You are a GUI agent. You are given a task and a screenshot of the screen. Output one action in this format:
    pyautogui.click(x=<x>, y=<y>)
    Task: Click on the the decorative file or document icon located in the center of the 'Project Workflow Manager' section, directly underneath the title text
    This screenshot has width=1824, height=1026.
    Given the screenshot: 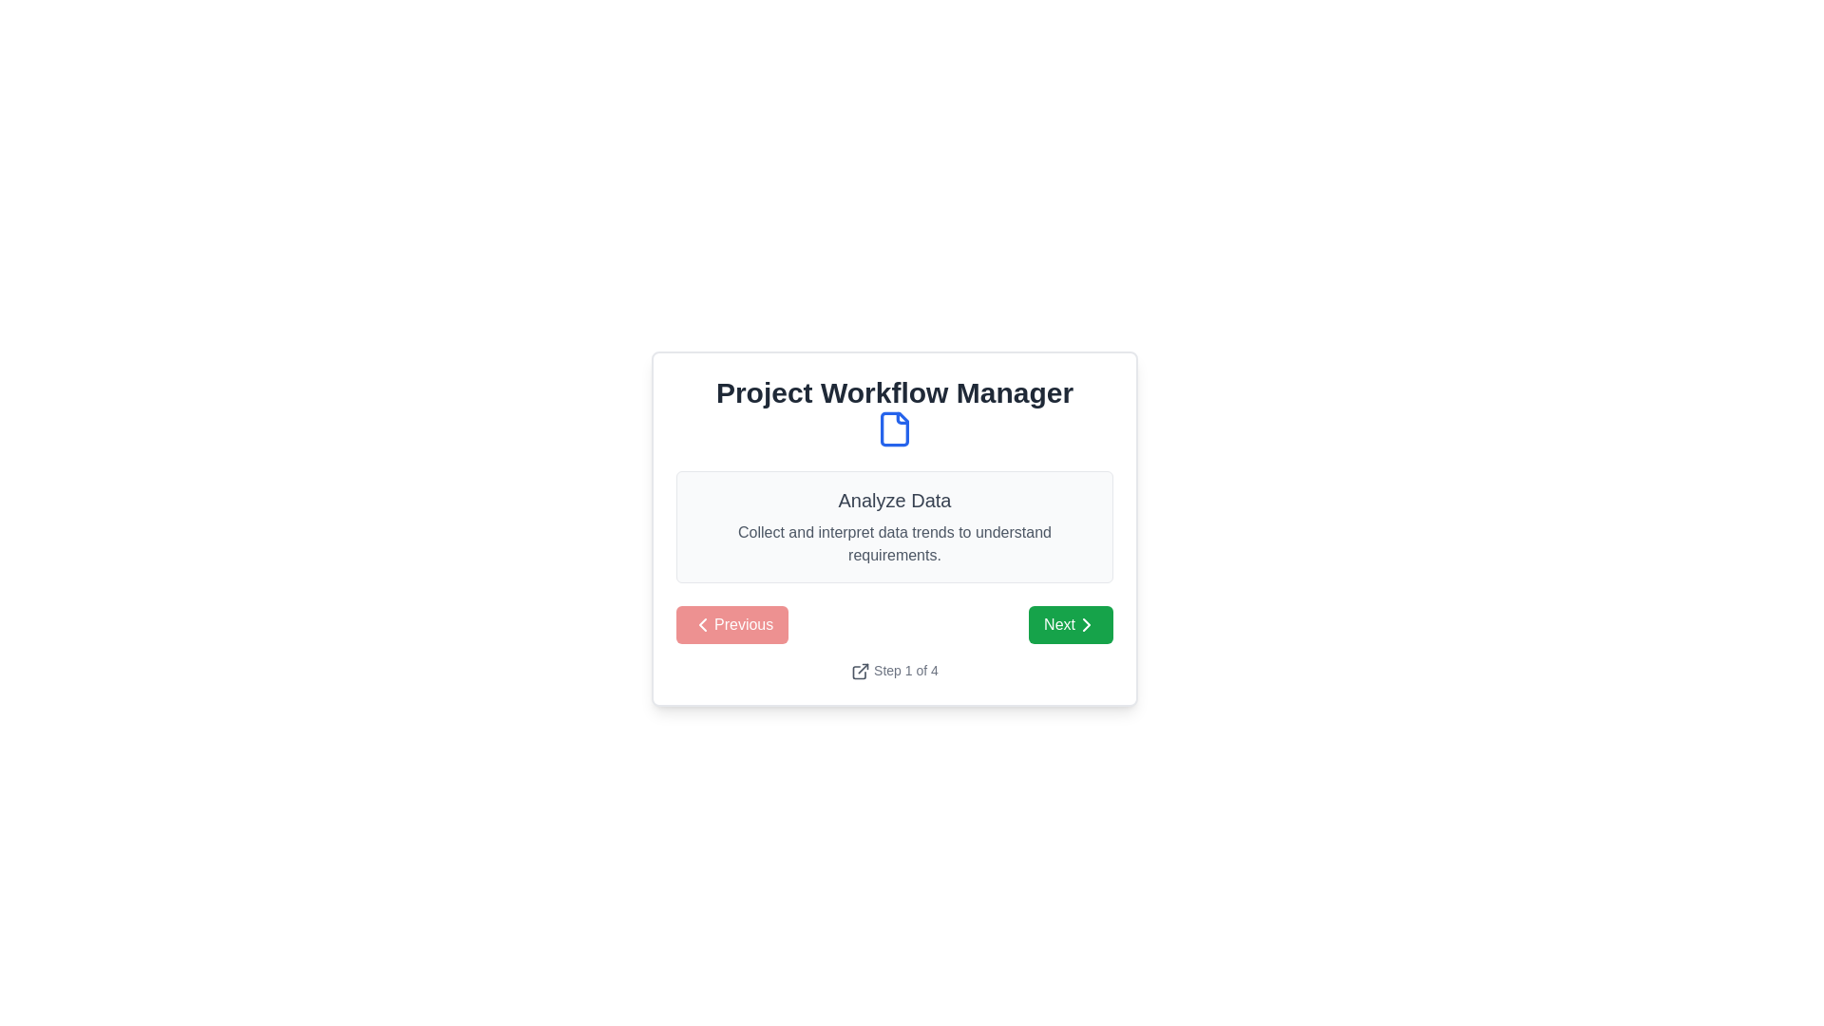 What is the action you would take?
    pyautogui.click(x=893, y=428)
    